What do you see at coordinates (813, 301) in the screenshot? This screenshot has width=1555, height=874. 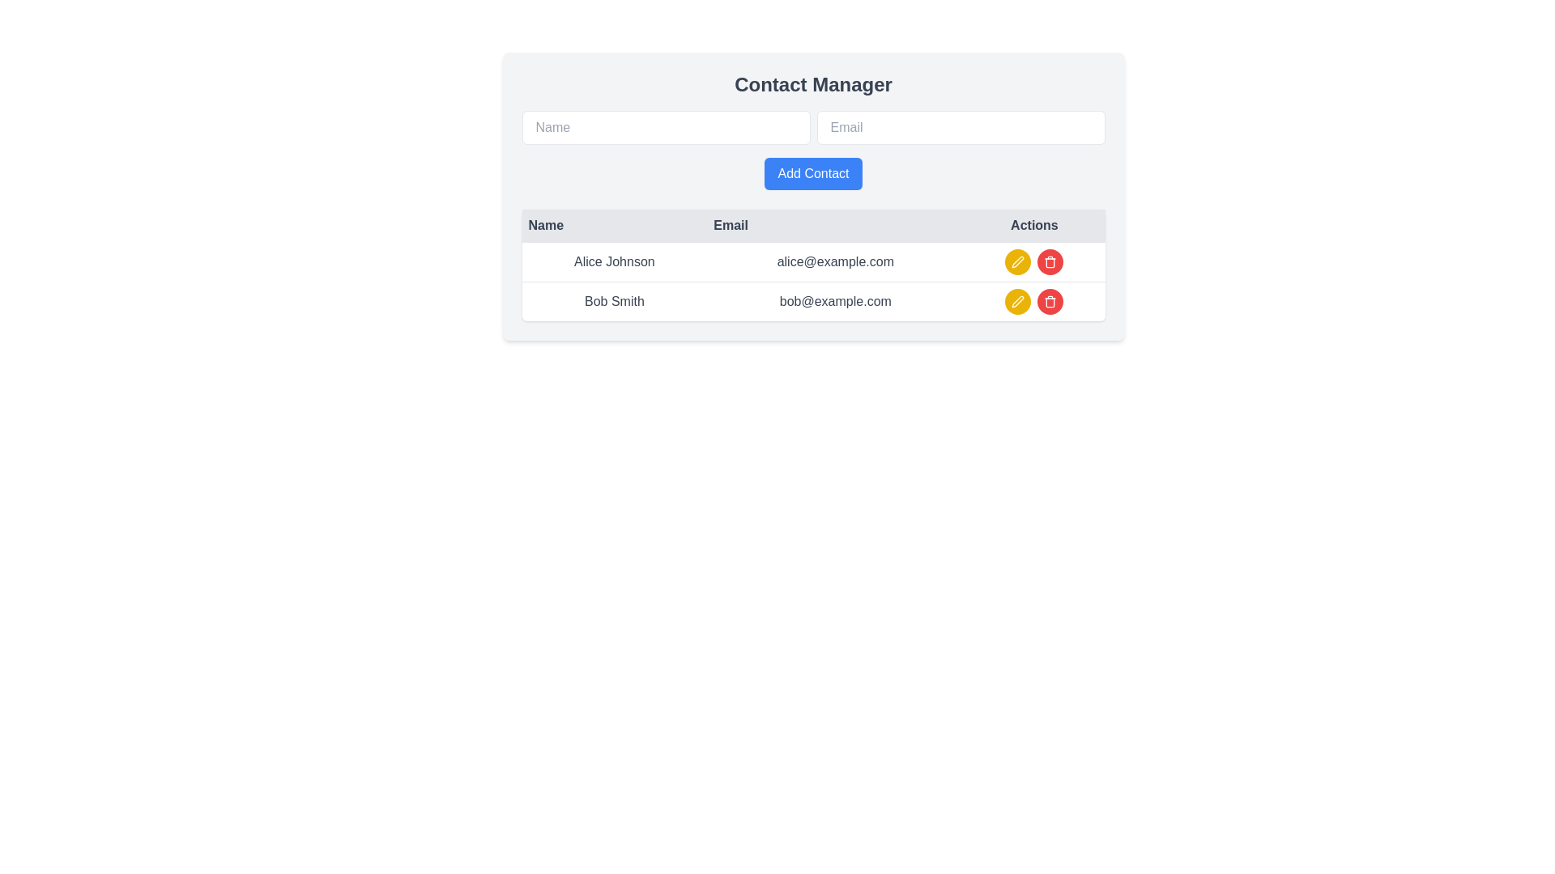 I see `the second row in the table containing the text 'Bob Smith' and 'bob@example.com'` at bounding box center [813, 301].